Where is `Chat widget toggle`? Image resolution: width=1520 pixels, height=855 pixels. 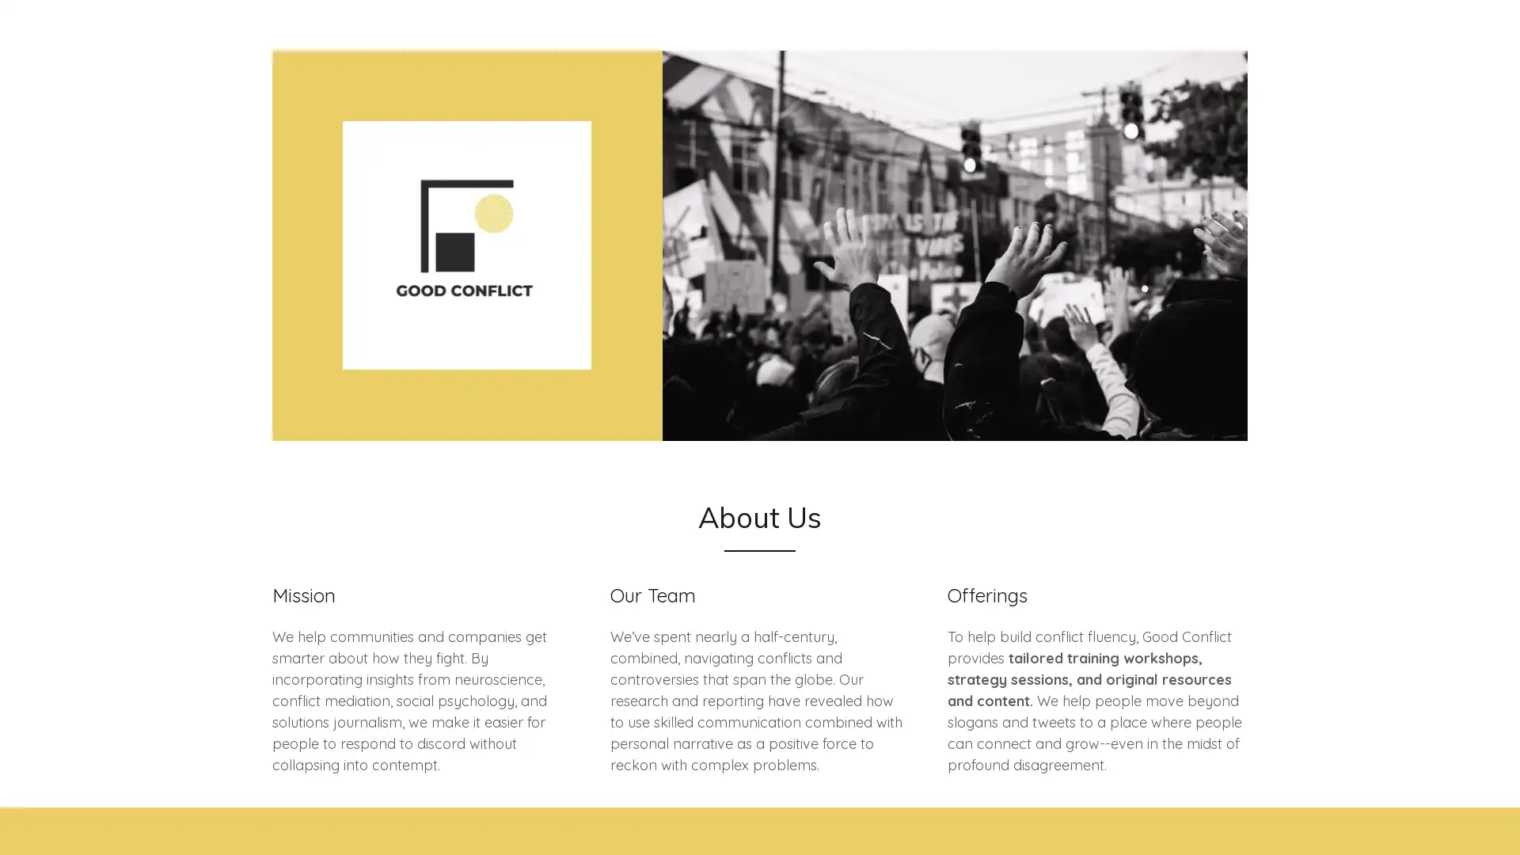 Chat widget toggle is located at coordinates (1478, 815).